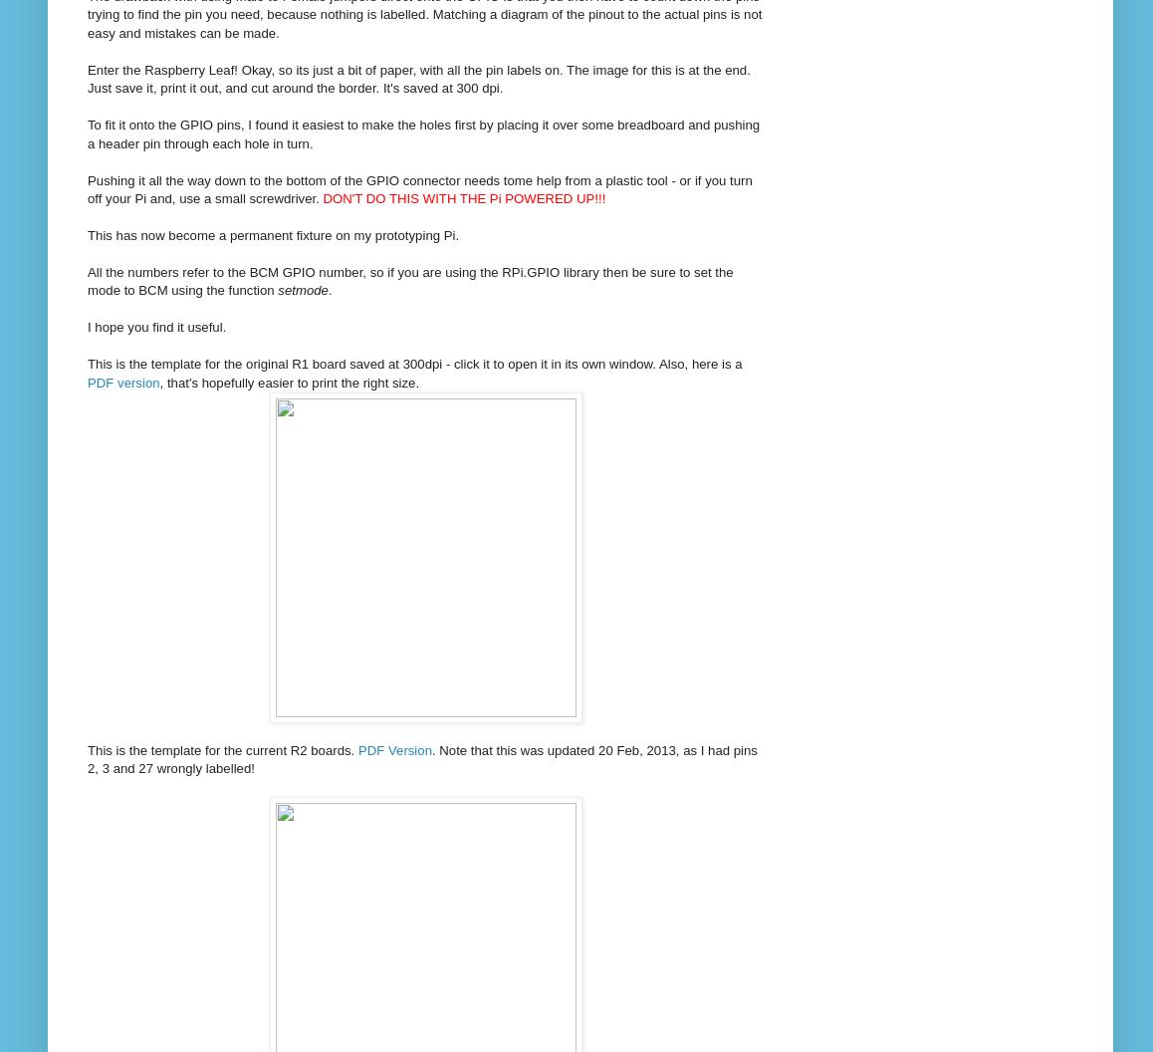 The width and height of the screenshot is (1153, 1052). What do you see at coordinates (419, 188) in the screenshot?
I see `'Pushing it all the way down to the bottom of the GPIO connector needs tome help from a plastic tool - or if you turn off your Pi and, use a small screwdriver.'` at bounding box center [419, 188].